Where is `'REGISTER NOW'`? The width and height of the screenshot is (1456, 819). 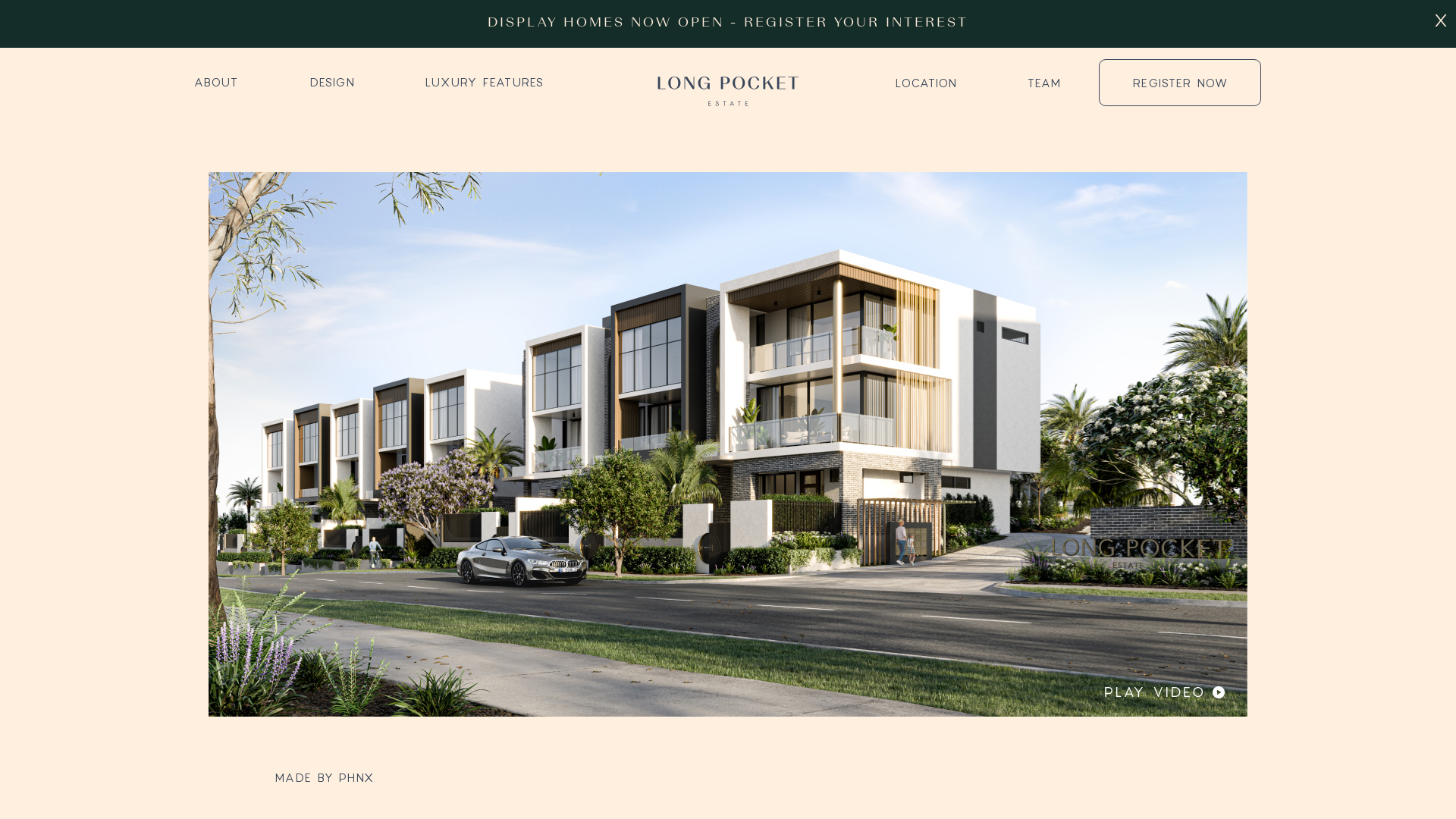
'REGISTER NOW' is located at coordinates (1178, 82).